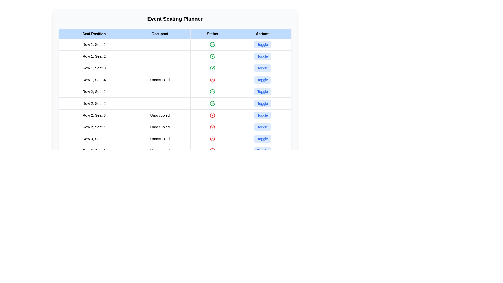  What do you see at coordinates (263, 91) in the screenshot?
I see `the toggle button in the 'Actions' column for 'Row 2, Seat 1' to change its state` at bounding box center [263, 91].